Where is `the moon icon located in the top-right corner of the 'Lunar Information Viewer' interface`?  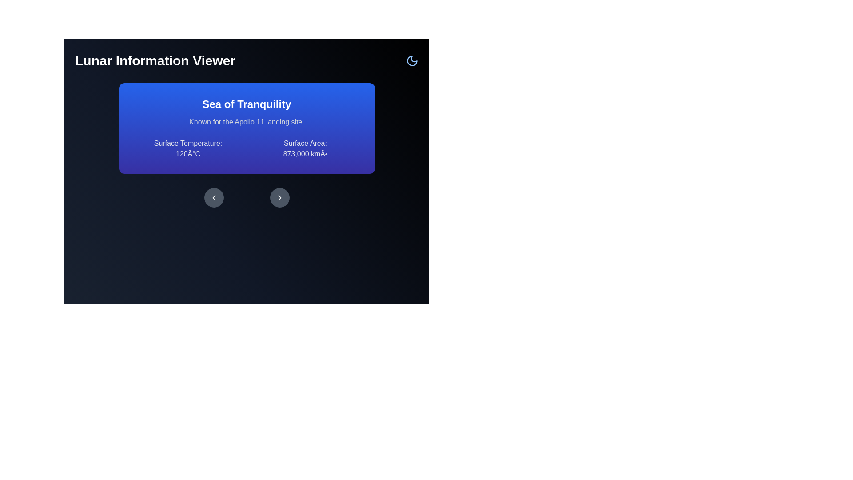
the moon icon located in the top-right corner of the 'Lunar Information Viewer' interface is located at coordinates (411, 60).